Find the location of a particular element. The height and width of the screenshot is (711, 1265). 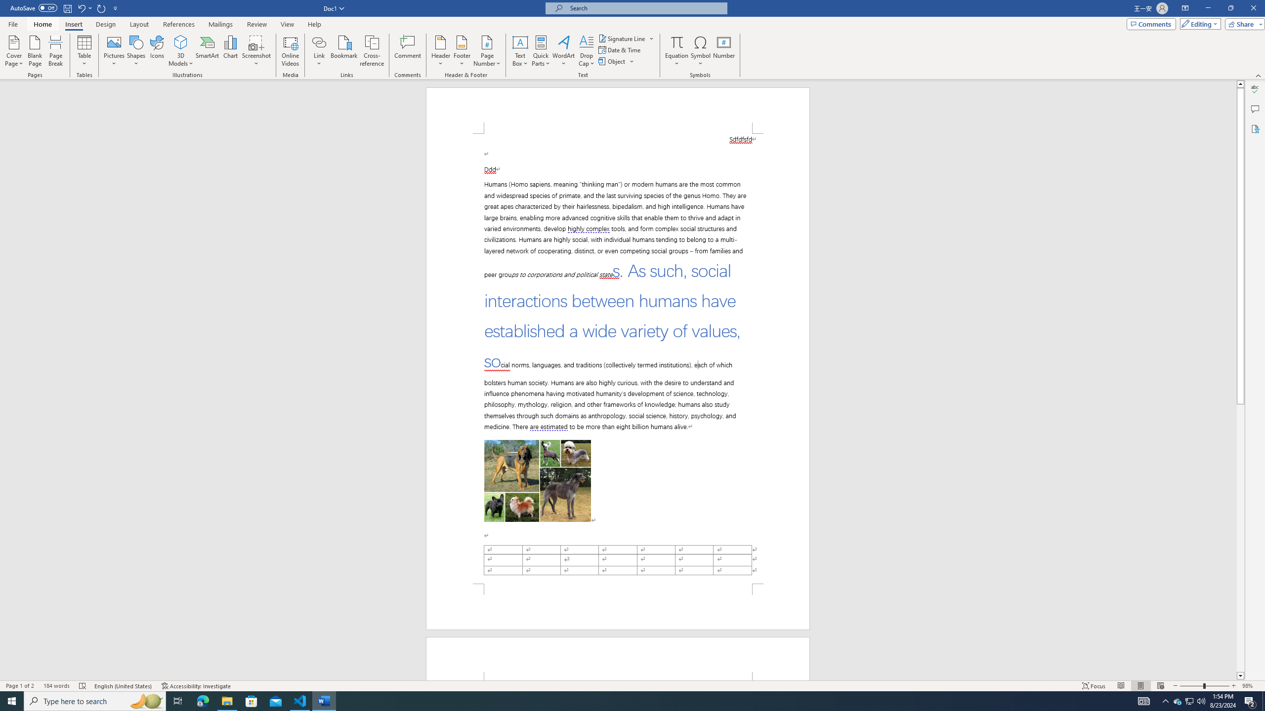

'Quick Parts' is located at coordinates (541, 51).